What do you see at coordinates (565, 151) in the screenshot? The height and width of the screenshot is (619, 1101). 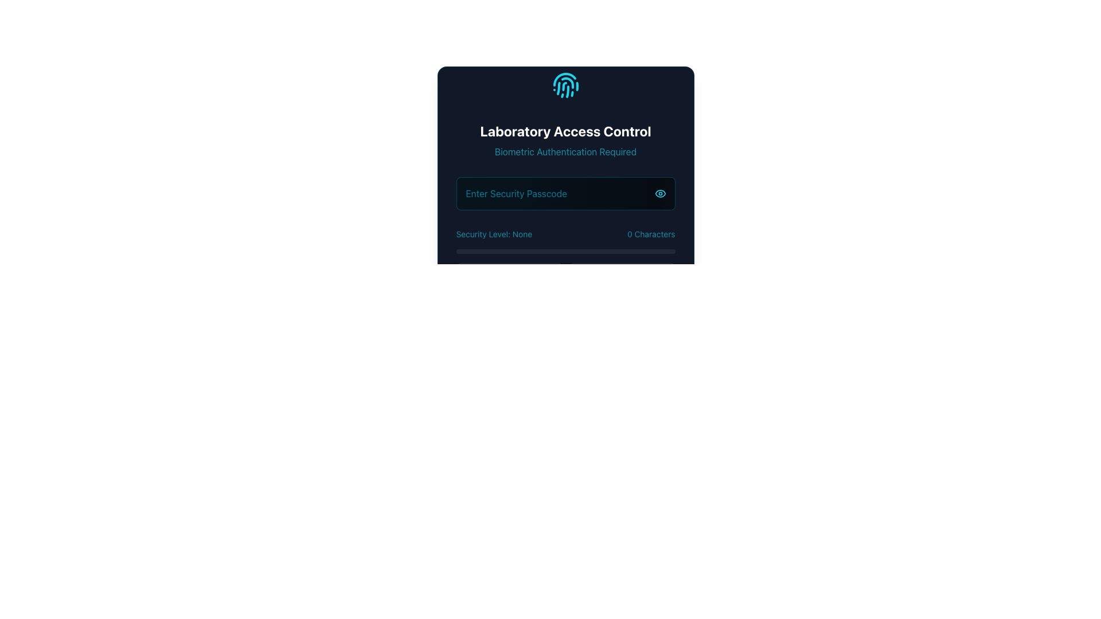 I see `text label displaying 'Biometric Authentication Required', which is centrally aligned below the 'Laboratory Access Control' heading` at bounding box center [565, 151].